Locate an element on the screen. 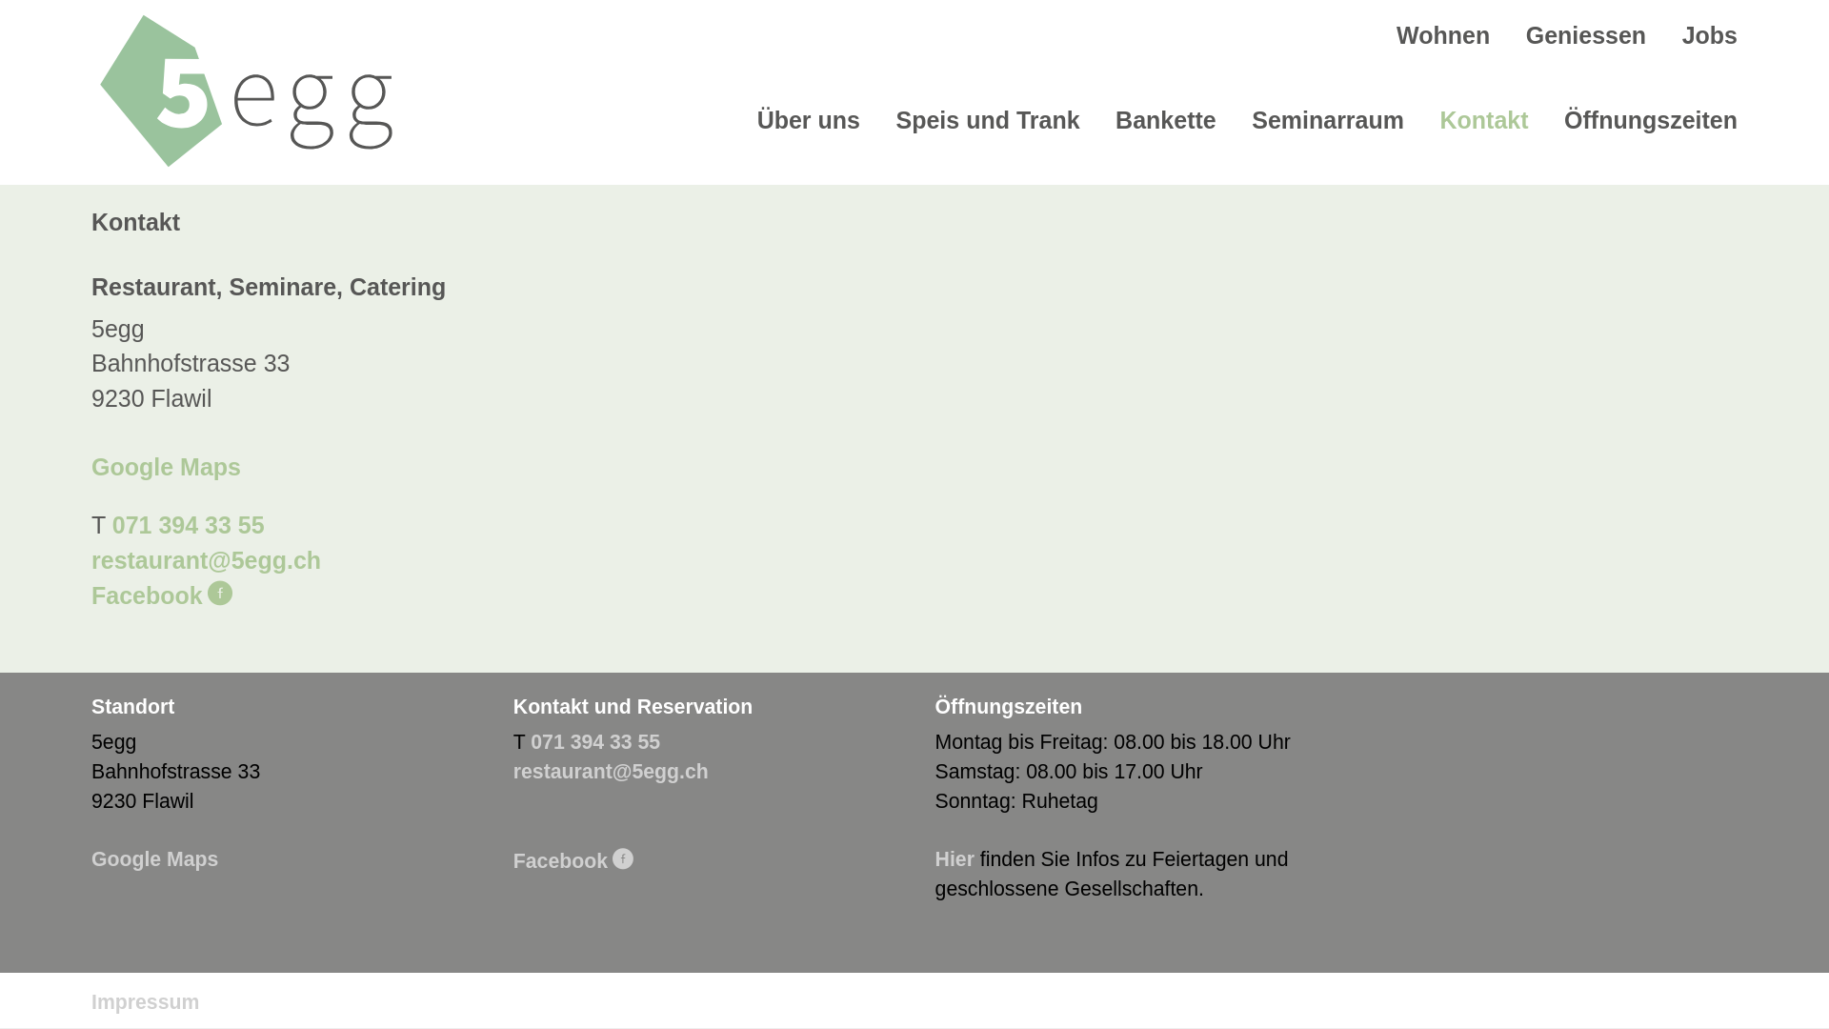  'Impressum' is located at coordinates (90, 1001).